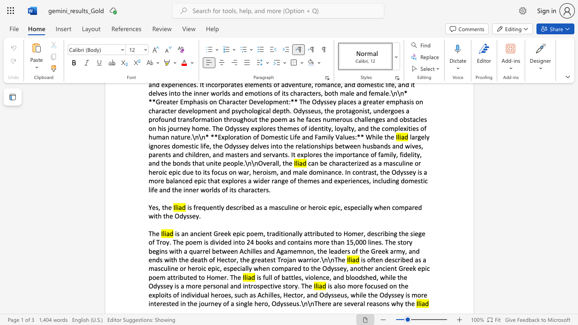 Image resolution: width=578 pixels, height=325 pixels. Describe the element at coordinates (319, 260) in the screenshot. I see `the subset text ".\n\nTh" within the text "is an ancient Greek epic poem, traditionally attributed to Homer, describing the siege of Troy. The poem is divided into 24 books and contains more than 15,000 lines. The story begins with a quarrel between Achilles and Agamemnon, the leaders of the Greek army, and ends with the death of Hector, the greatest Trojan warrior.\n\nThe"` at that location.